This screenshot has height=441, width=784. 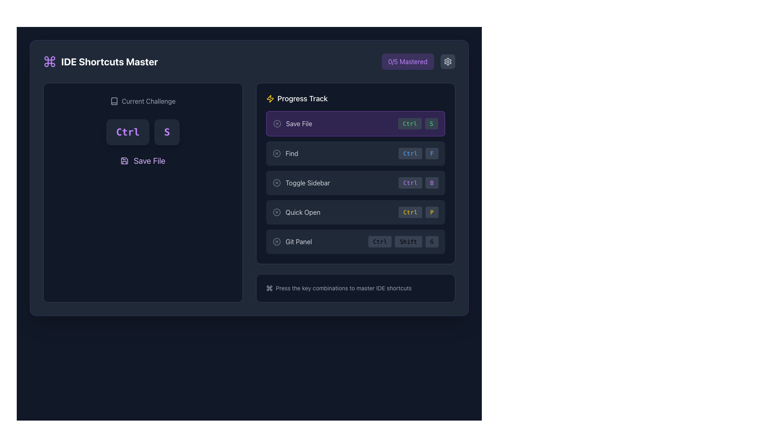 I want to click on text content of the Label indicating the keyboard shortcut 'Ctrl+F' located beside the 'Find' label in the Progress Track list, so click(x=418, y=153).